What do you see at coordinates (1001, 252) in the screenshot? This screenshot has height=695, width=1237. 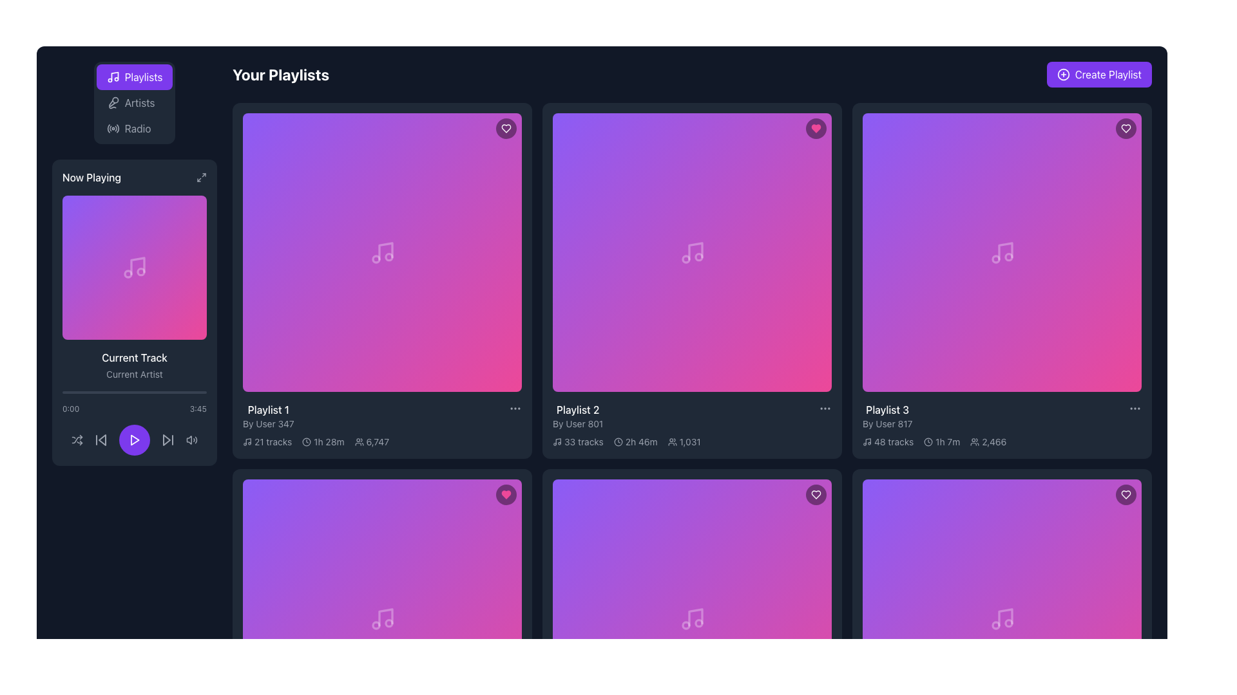 I see `the music playlist icon representing 'Playlist 3' located in the 'Your Playlists' section of the interface` at bounding box center [1001, 252].